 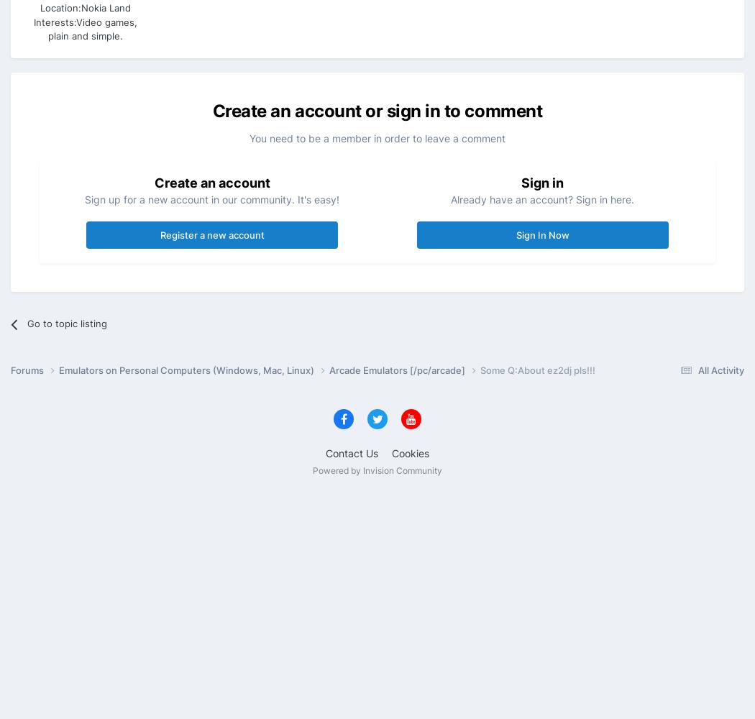 I want to click on 'Location:', so click(x=60, y=8).